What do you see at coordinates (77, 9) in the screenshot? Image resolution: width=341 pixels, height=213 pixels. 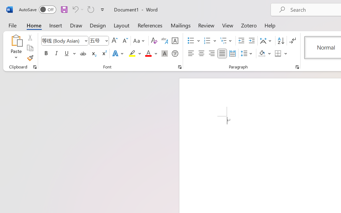 I see `'Can'` at bounding box center [77, 9].